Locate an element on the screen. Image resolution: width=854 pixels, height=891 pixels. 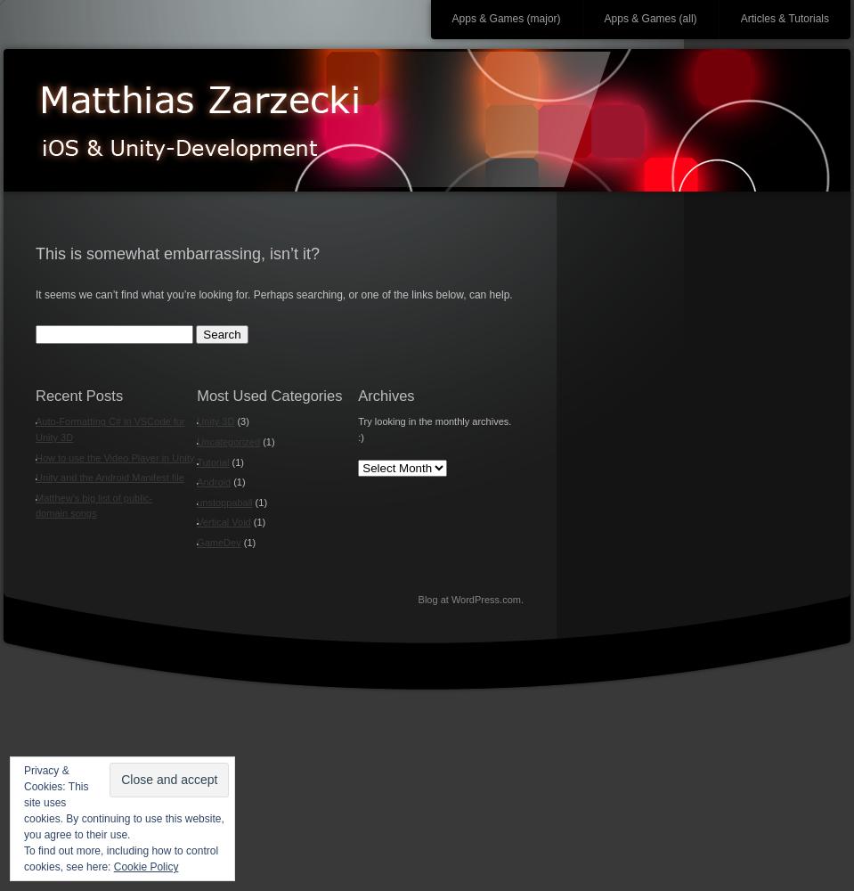
'Unity 3D' is located at coordinates (215, 421).